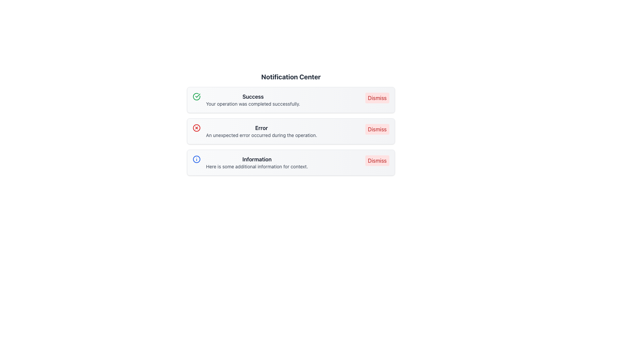  What do you see at coordinates (253, 104) in the screenshot?
I see `the static text element that displays additional details about the successful operation, located below the 'Success' header` at bounding box center [253, 104].